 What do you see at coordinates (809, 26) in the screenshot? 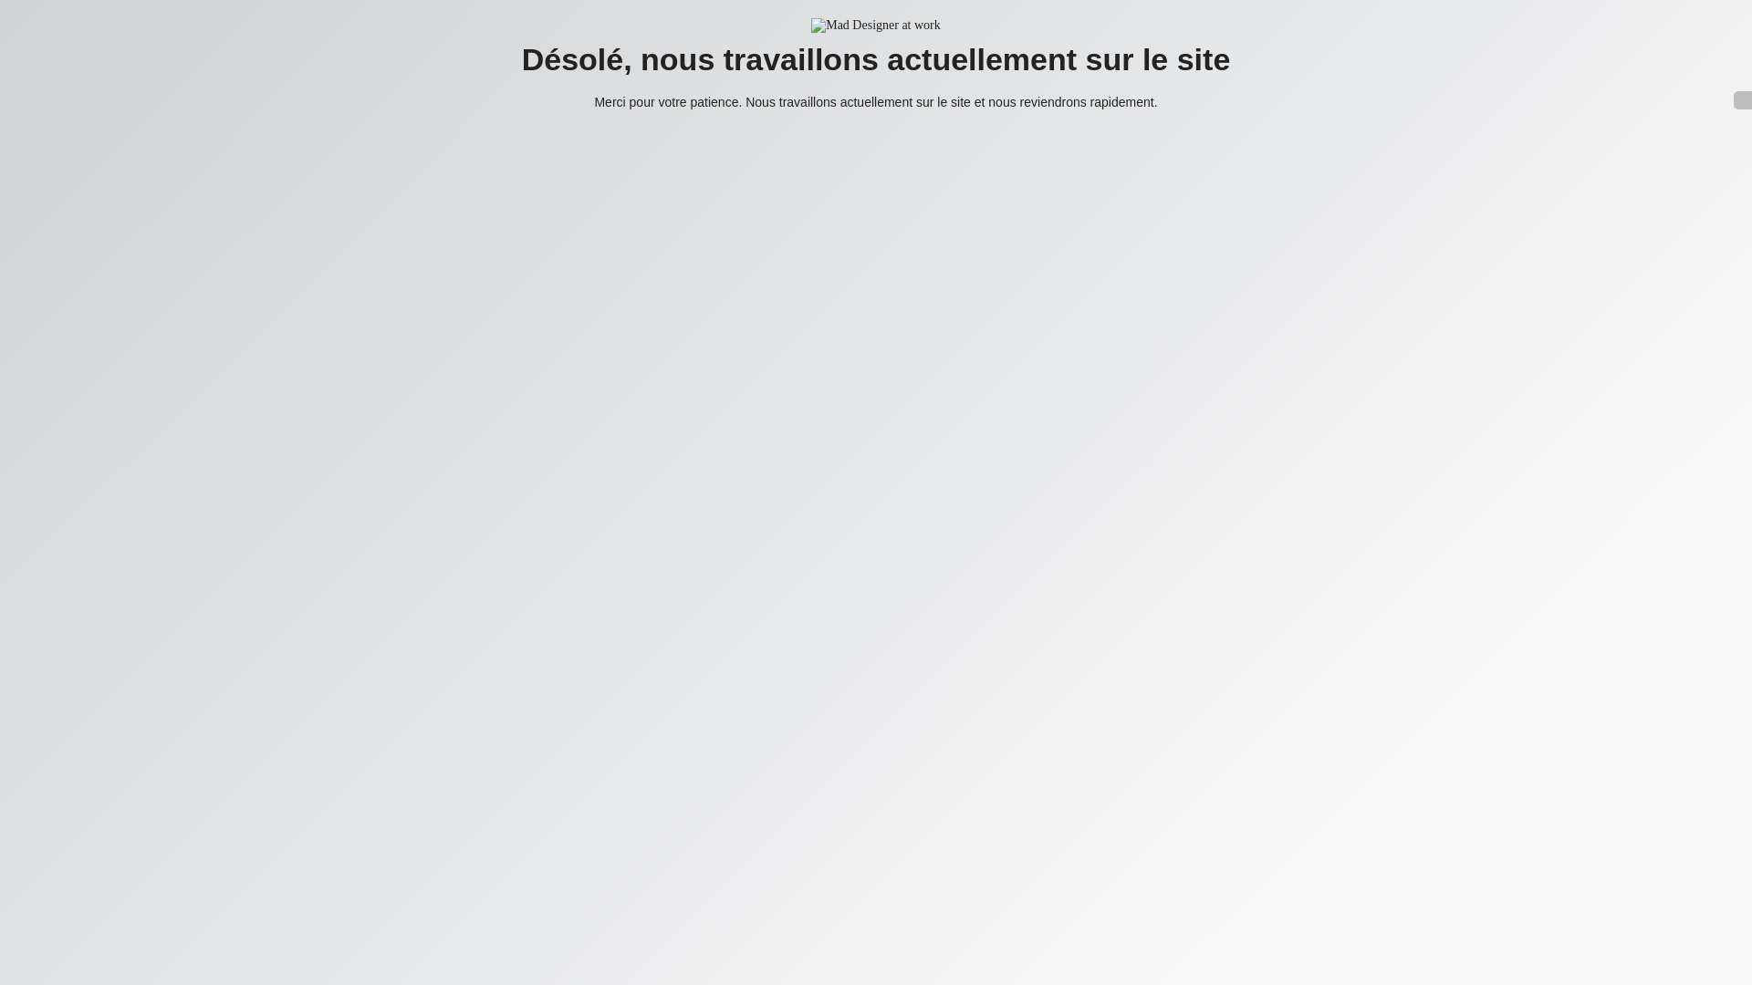
I see `'Mad Designer at work'` at bounding box center [809, 26].